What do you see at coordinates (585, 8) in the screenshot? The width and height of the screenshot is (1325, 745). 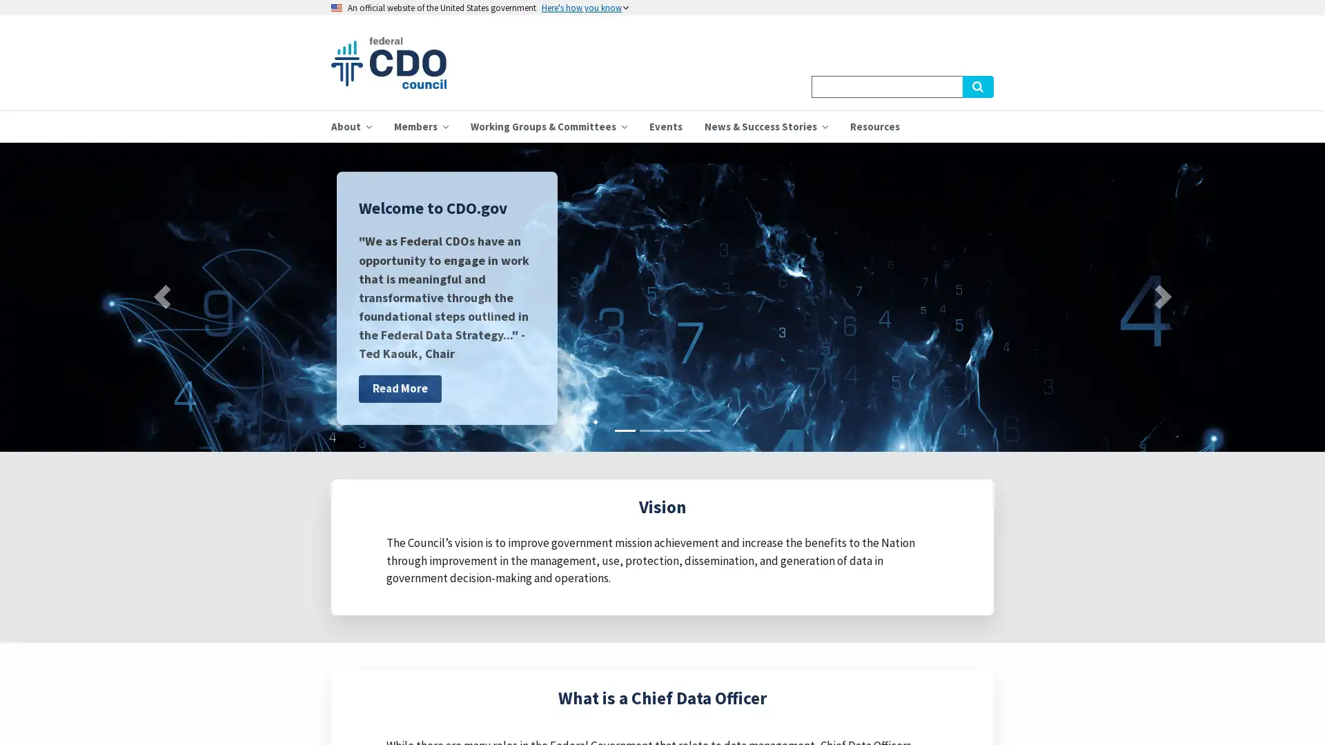 I see `Here's how you know` at bounding box center [585, 8].